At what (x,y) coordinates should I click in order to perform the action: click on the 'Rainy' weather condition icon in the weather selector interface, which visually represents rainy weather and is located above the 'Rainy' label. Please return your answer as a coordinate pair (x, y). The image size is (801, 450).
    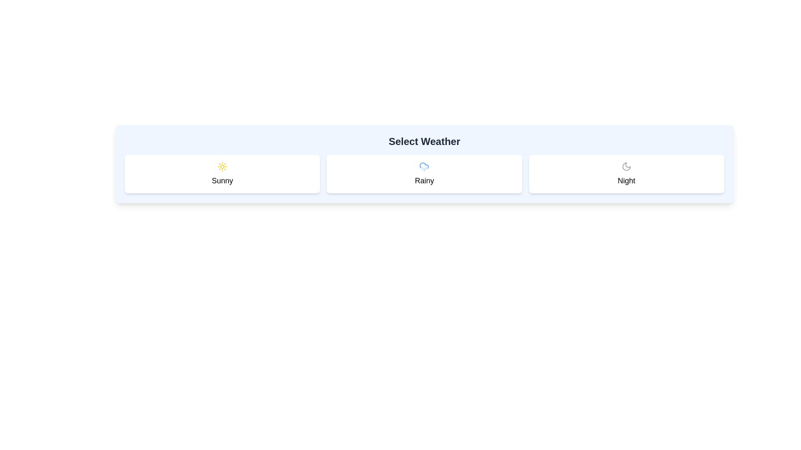
    Looking at the image, I should click on (424, 167).